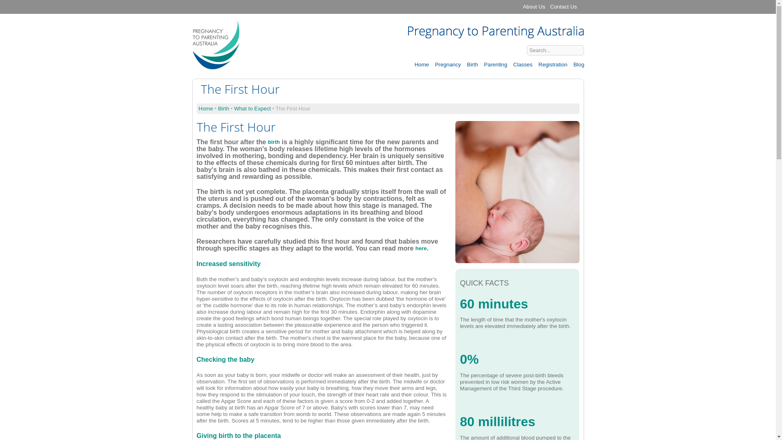 This screenshot has height=440, width=782. Describe the element at coordinates (252, 108) in the screenshot. I see `'What to Expect'` at that location.